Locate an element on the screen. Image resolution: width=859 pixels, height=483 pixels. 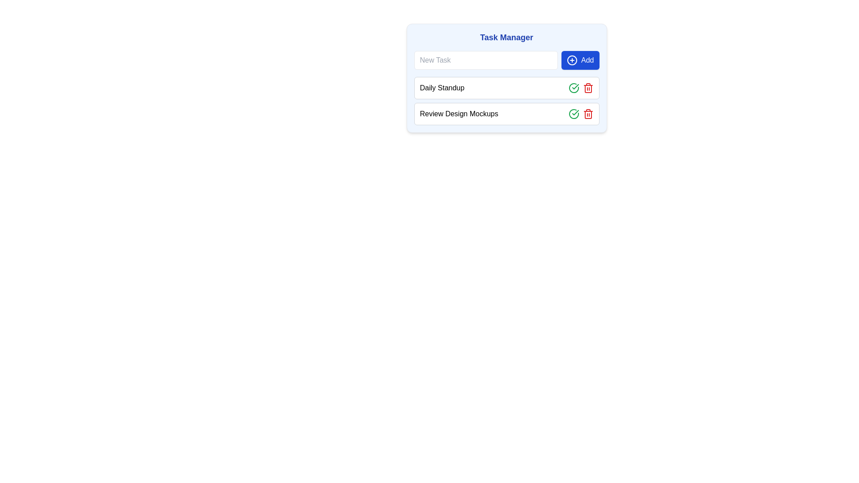
the Icon Button represented by a green checkmark symbol within a circle, located to the right of the 'Review Design Mockups' task title is located at coordinates (574, 113).